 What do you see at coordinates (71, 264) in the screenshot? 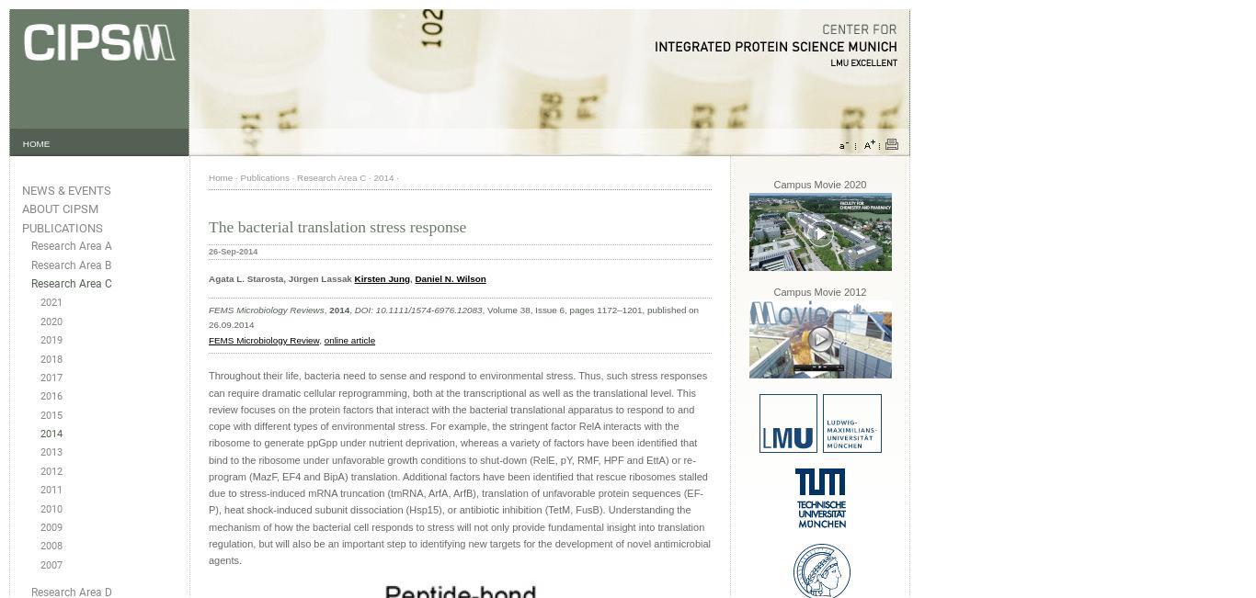
I see `'Research Area B'` at bounding box center [71, 264].